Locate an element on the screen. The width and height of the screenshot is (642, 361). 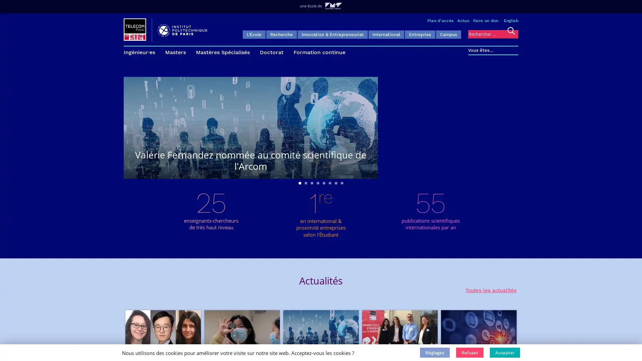
Refuser is located at coordinates (469, 352).